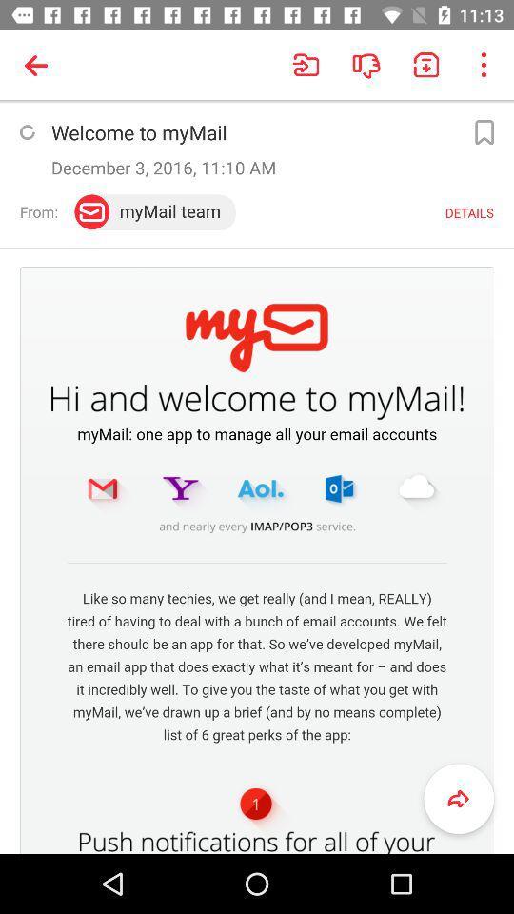  What do you see at coordinates (484, 131) in the screenshot?
I see `to bookmarks` at bounding box center [484, 131].